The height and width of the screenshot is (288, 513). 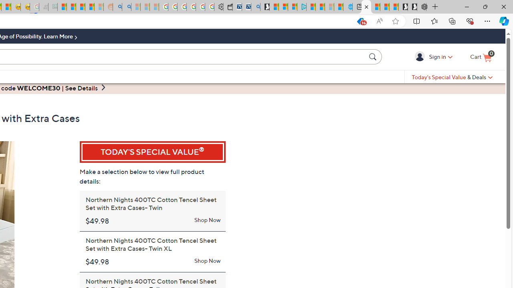 I want to click on 'Search Submit', so click(x=374, y=56).